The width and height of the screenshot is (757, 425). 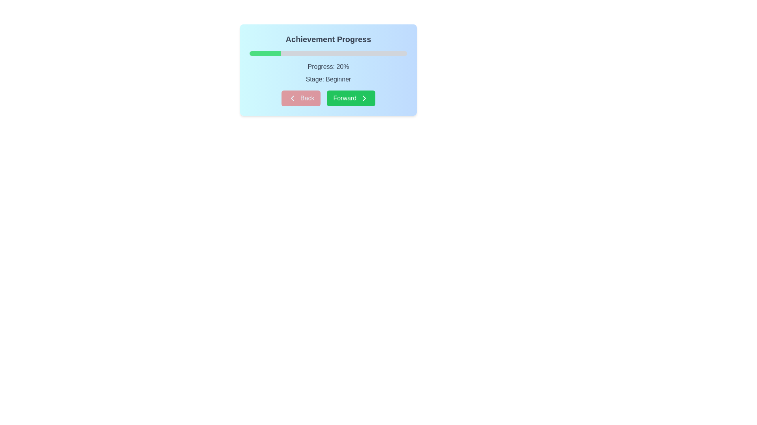 I want to click on the centrally located Button Group at the bottom of the panel, so click(x=328, y=98).